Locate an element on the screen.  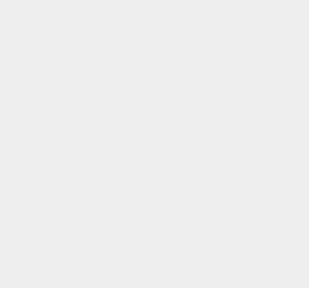
'iOS 7.0.2' is located at coordinates (225, 142).